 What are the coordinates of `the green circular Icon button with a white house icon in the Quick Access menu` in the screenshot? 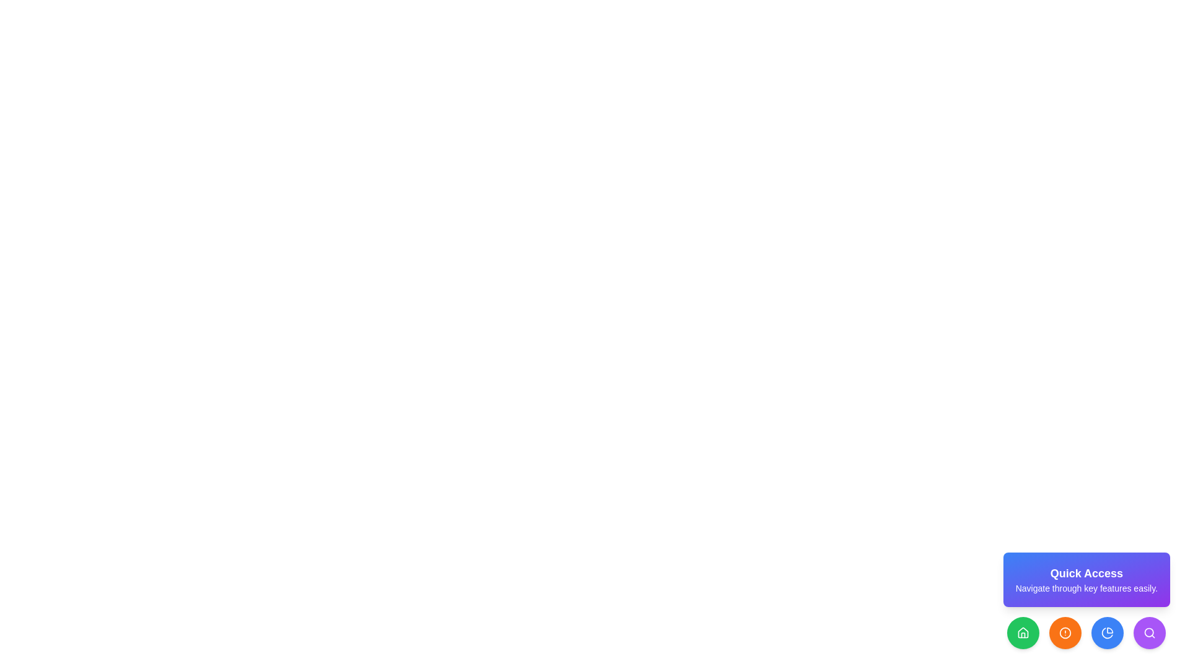 It's located at (1023, 633).